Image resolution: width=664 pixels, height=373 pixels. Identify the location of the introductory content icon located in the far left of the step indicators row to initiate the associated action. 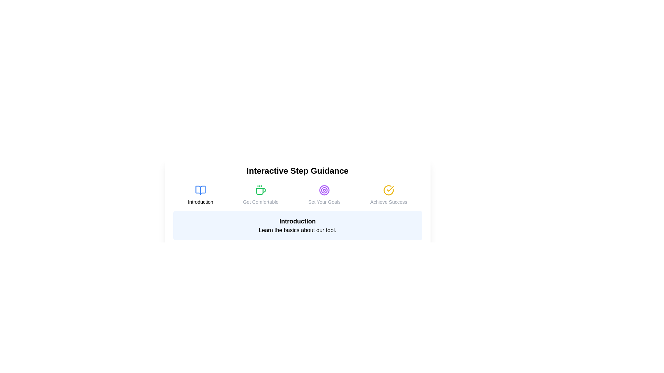
(200, 190).